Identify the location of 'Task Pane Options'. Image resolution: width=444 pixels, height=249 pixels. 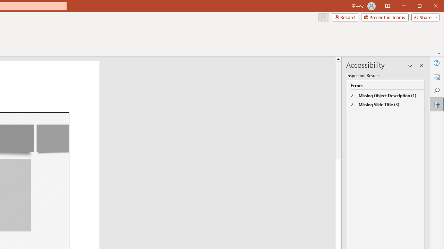
(410, 66).